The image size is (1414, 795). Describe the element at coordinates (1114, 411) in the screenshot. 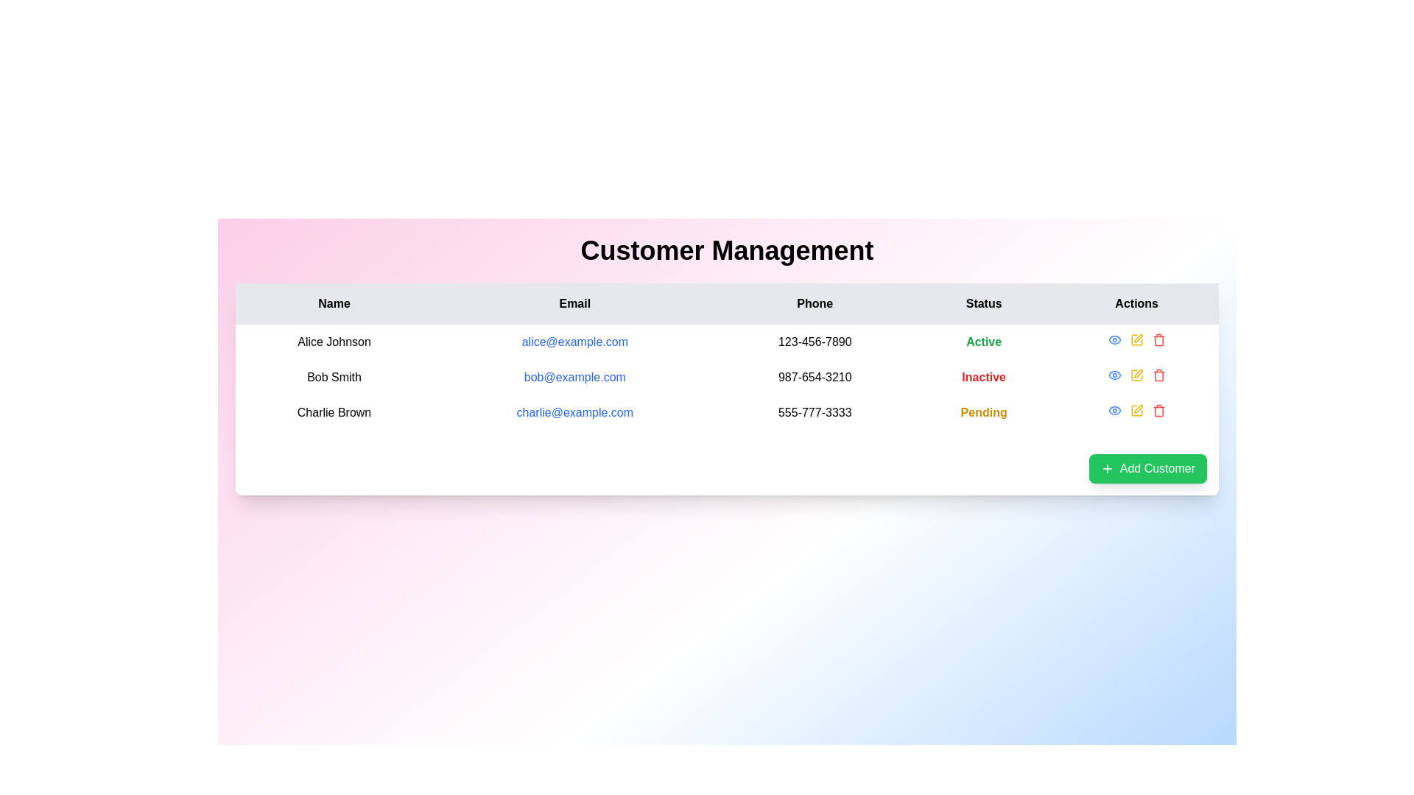

I see `the visibility toggle icon associated with user 'Bob Smith' in the 'Actions' column of the table` at that location.